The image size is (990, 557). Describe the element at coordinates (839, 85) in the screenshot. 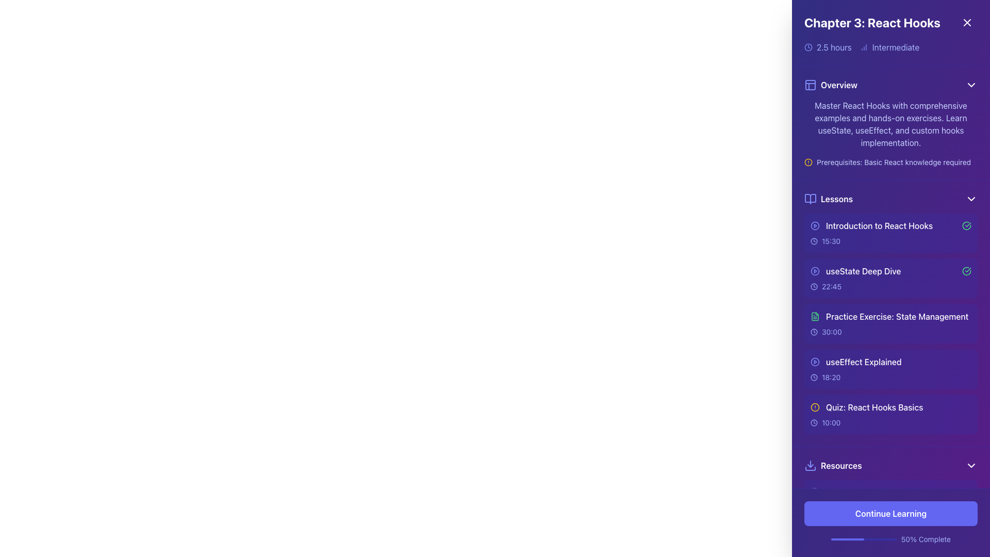

I see `the 'Overview' text label, which is a bold white font on a purple background, located in the right-side panel below the title 'Chapter 3: React Hooks'` at that location.